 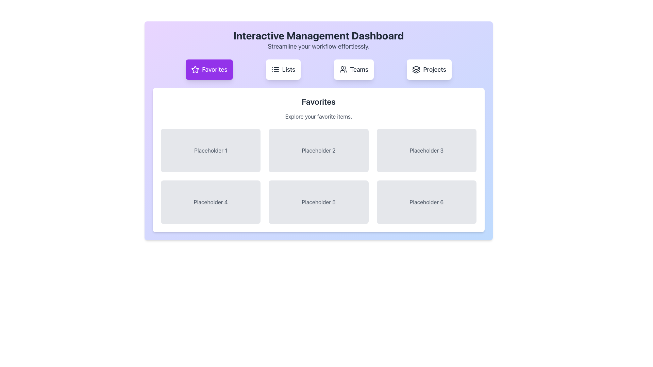 I want to click on text of the Text-based Placeholder Block, which is the second item in the first row of a three-column grid layout, so click(x=318, y=150).